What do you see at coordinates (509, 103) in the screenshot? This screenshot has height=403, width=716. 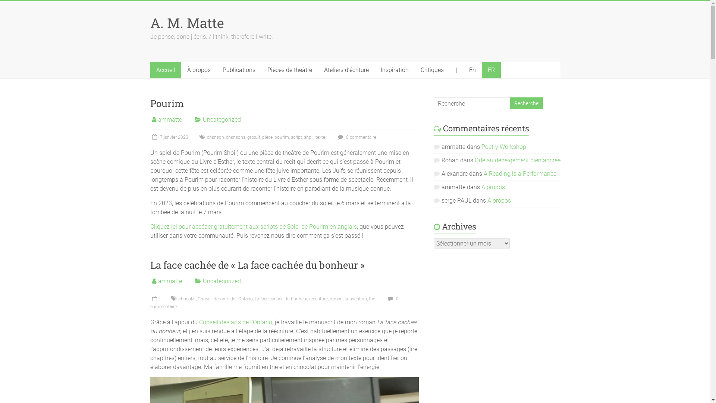 I see `'Recherche'` at bounding box center [509, 103].